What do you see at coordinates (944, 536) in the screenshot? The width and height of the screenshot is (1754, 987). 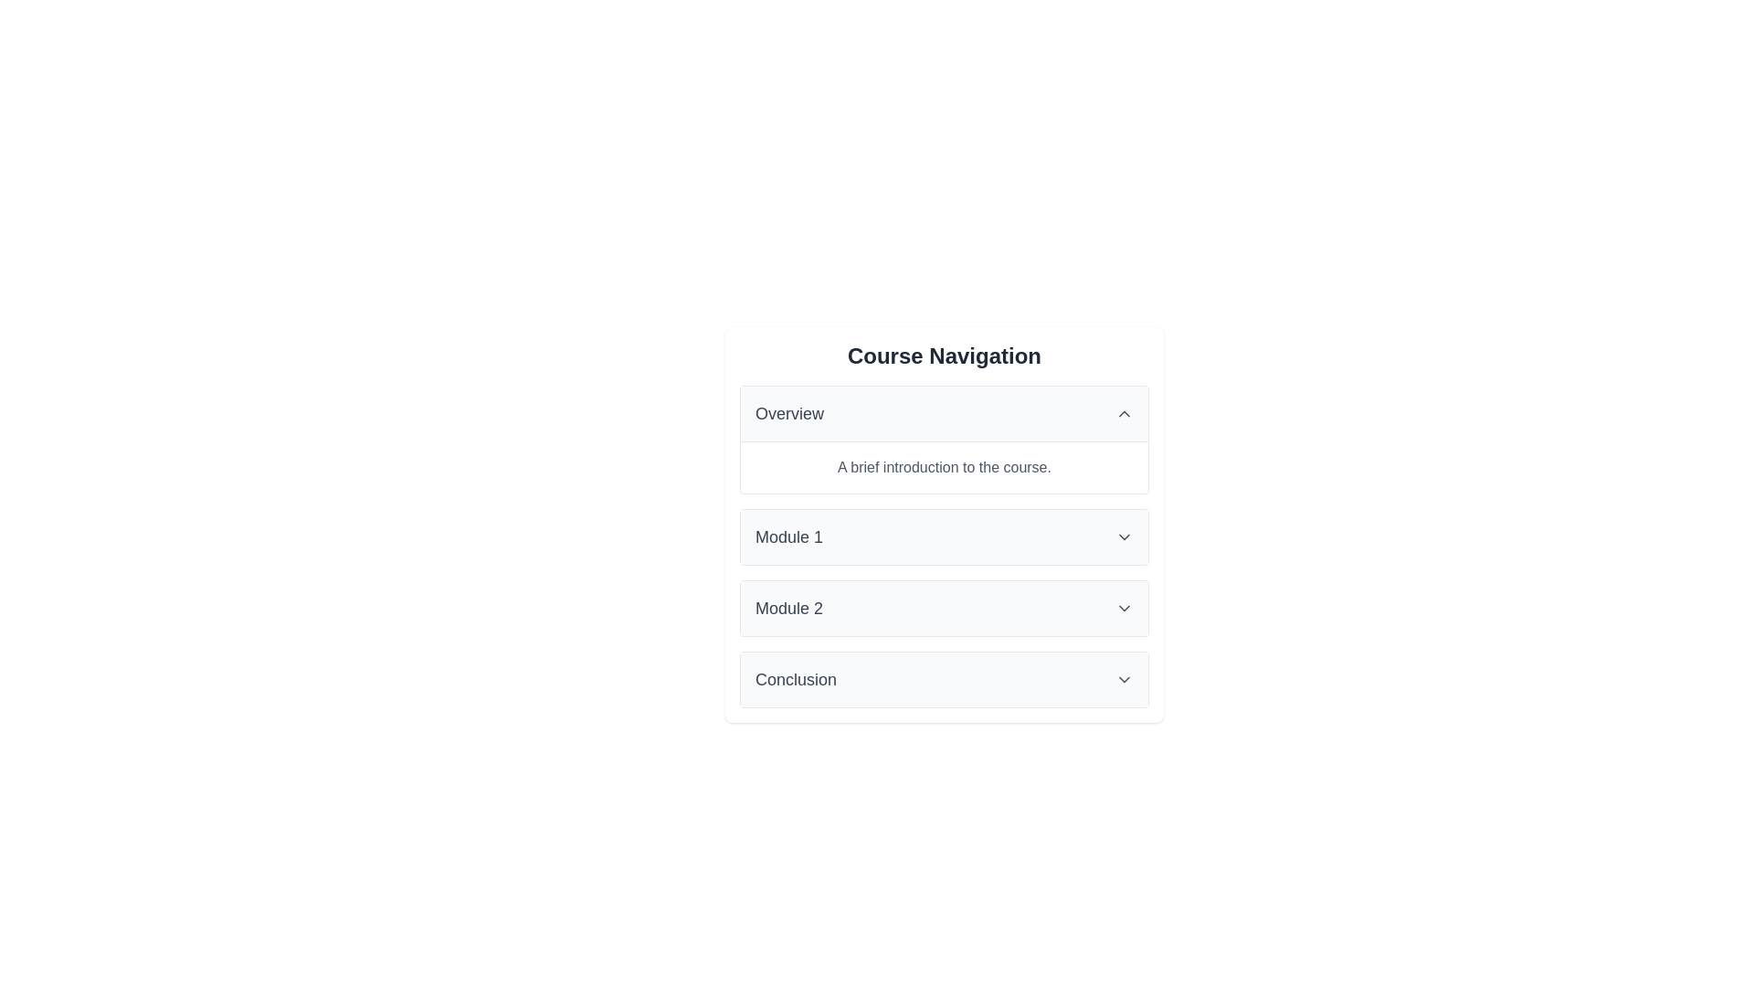 I see `the 'Module 1' button section with a light gray background` at bounding box center [944, 536].